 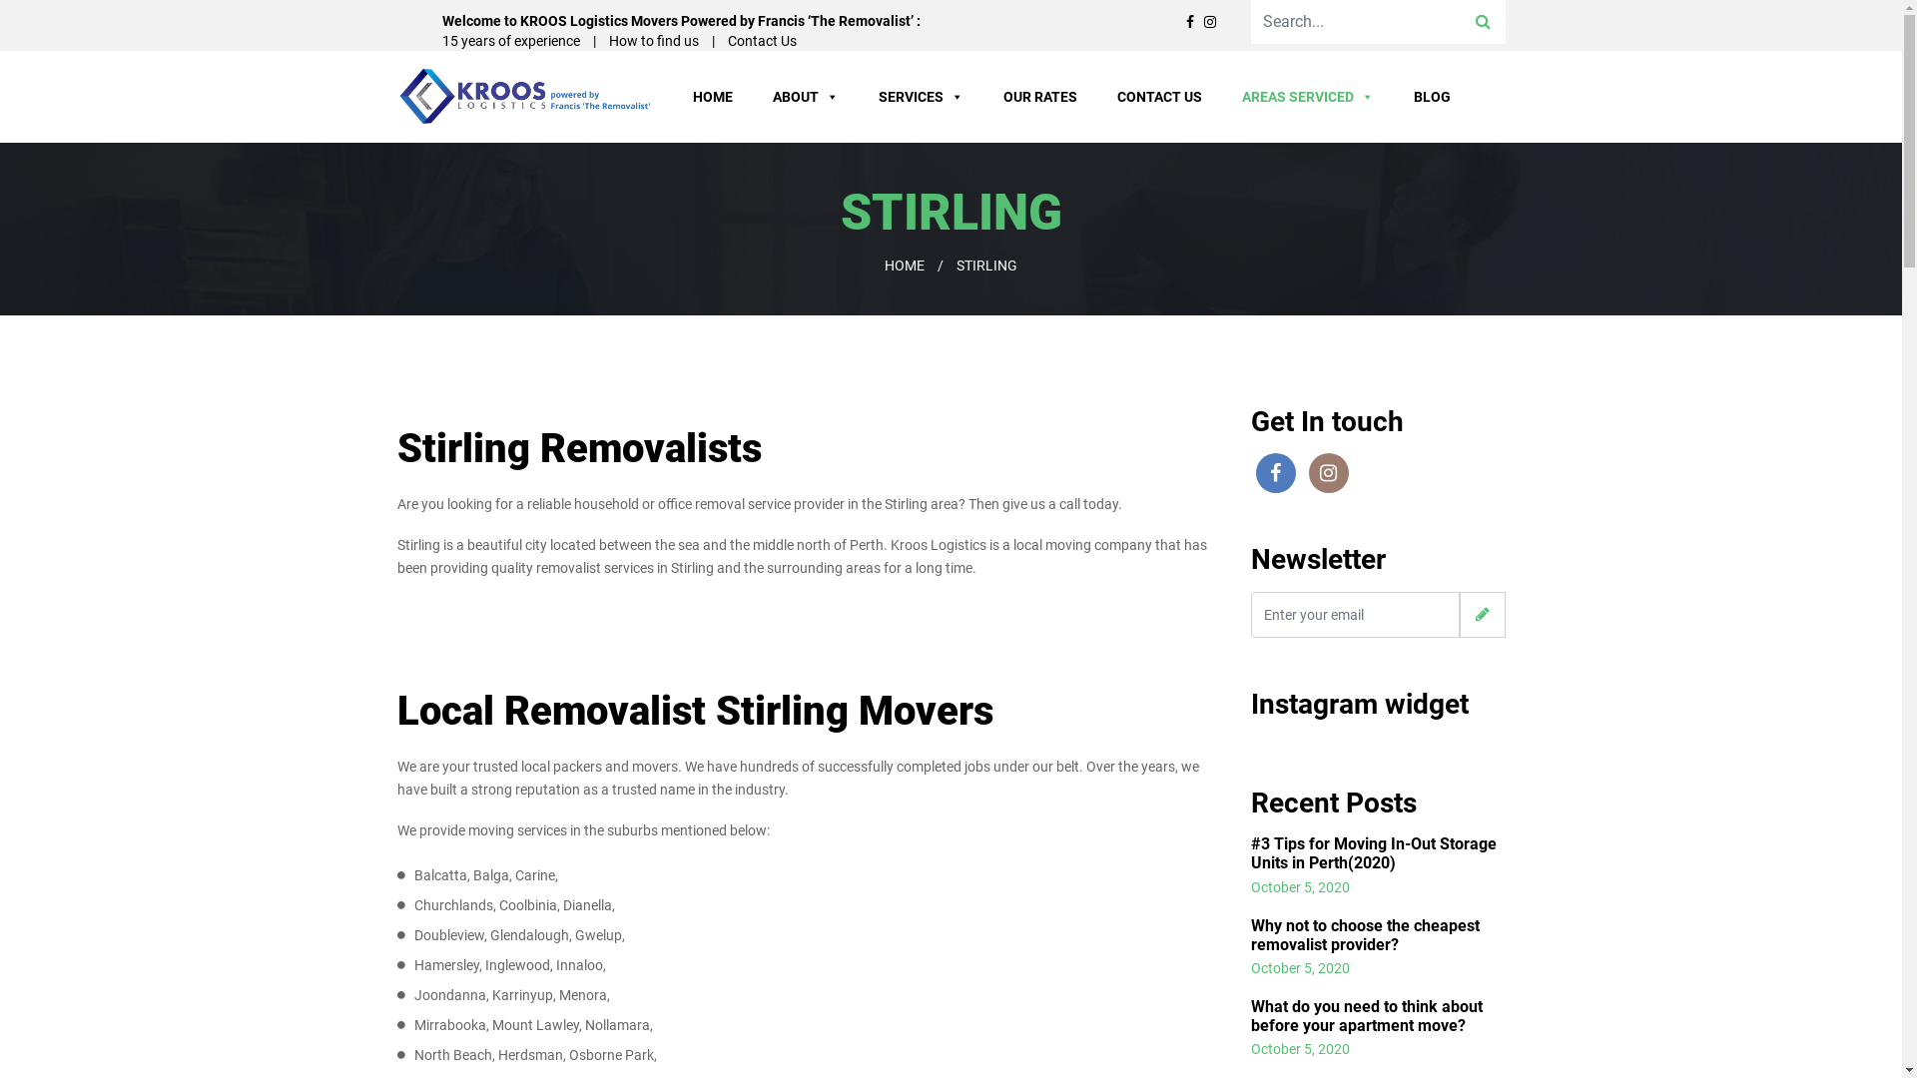 I want to click on 'ABOUT', so click(x=761, y=96).